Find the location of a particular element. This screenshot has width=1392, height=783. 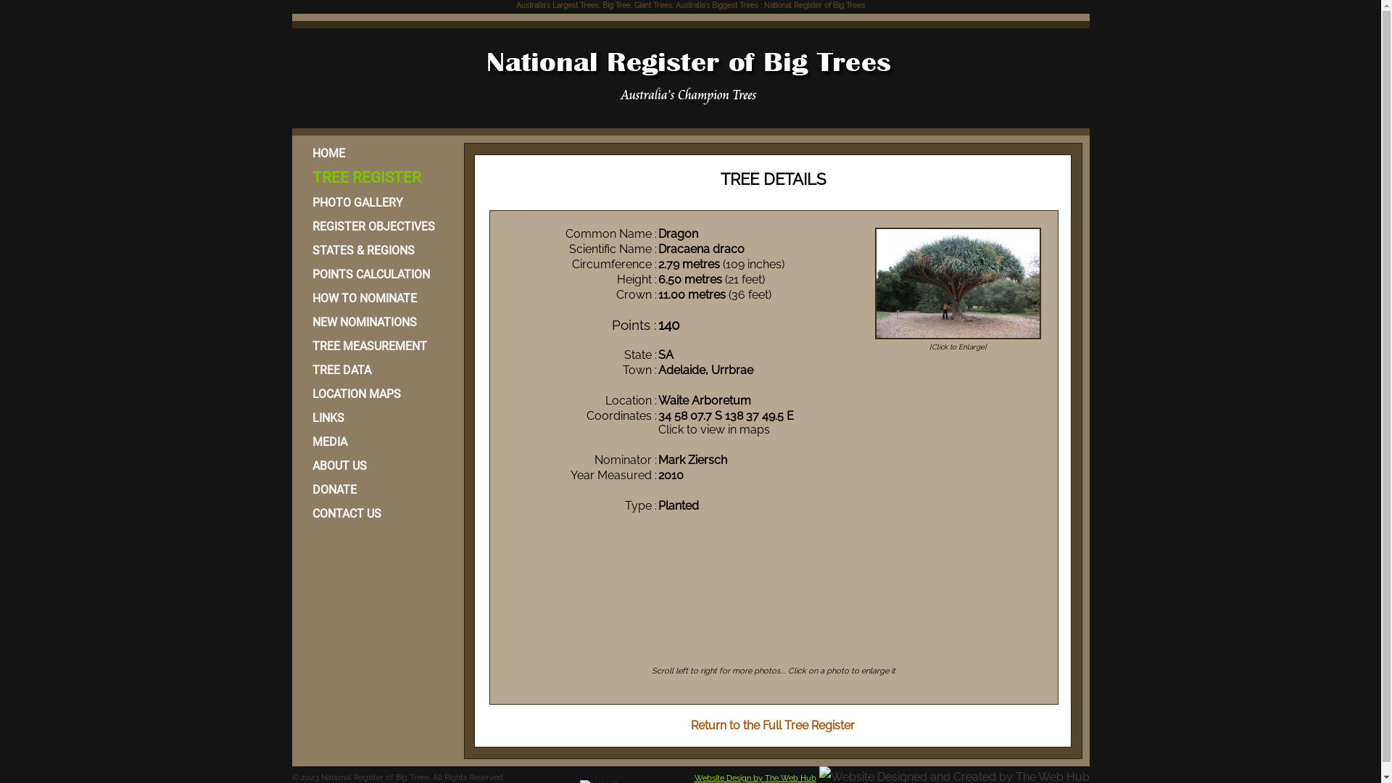

'CONTACT US' is located at coordinates (376, 513).